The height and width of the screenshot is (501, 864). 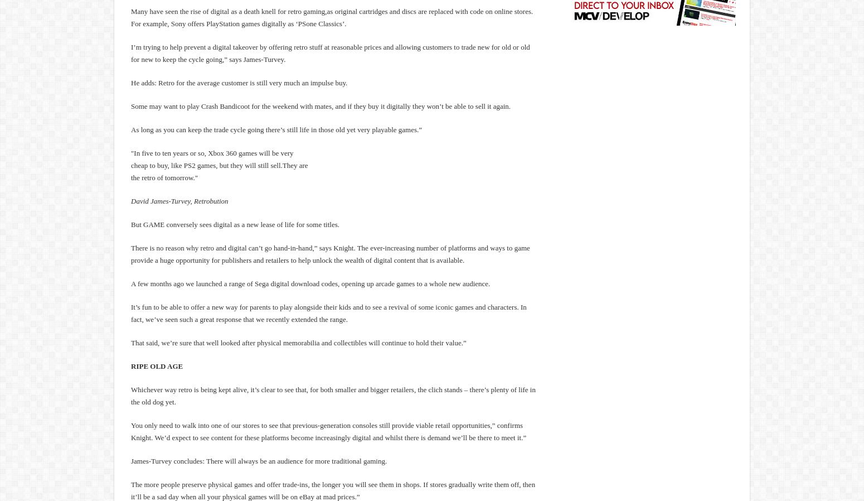 What do you see at coordinates (164, 177) in the screenshot?
I see `'the retro of tomorrow."'` at bounding box center [164, 177].